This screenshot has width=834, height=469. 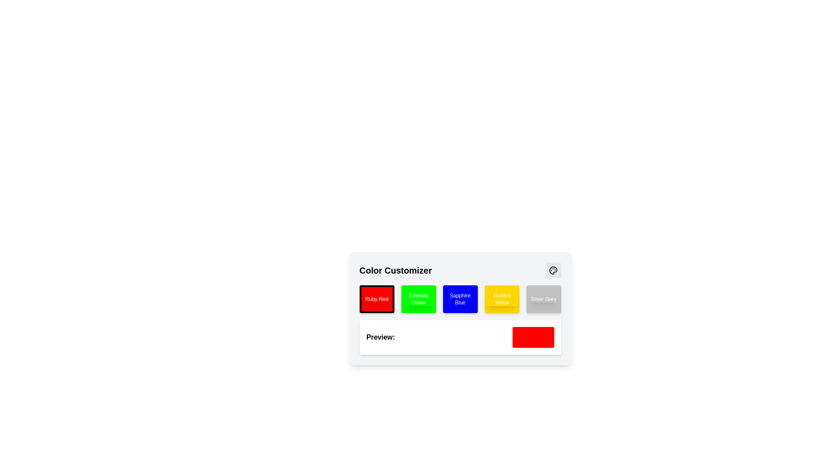 What do you see at coordinates (543, 299) in the screenshot?
I see `the 'Silver Grey' color selection button, which is the fifth button in a horizontal row of color selection buttons, to observe the hover effect` at bounding box center [543, 299].